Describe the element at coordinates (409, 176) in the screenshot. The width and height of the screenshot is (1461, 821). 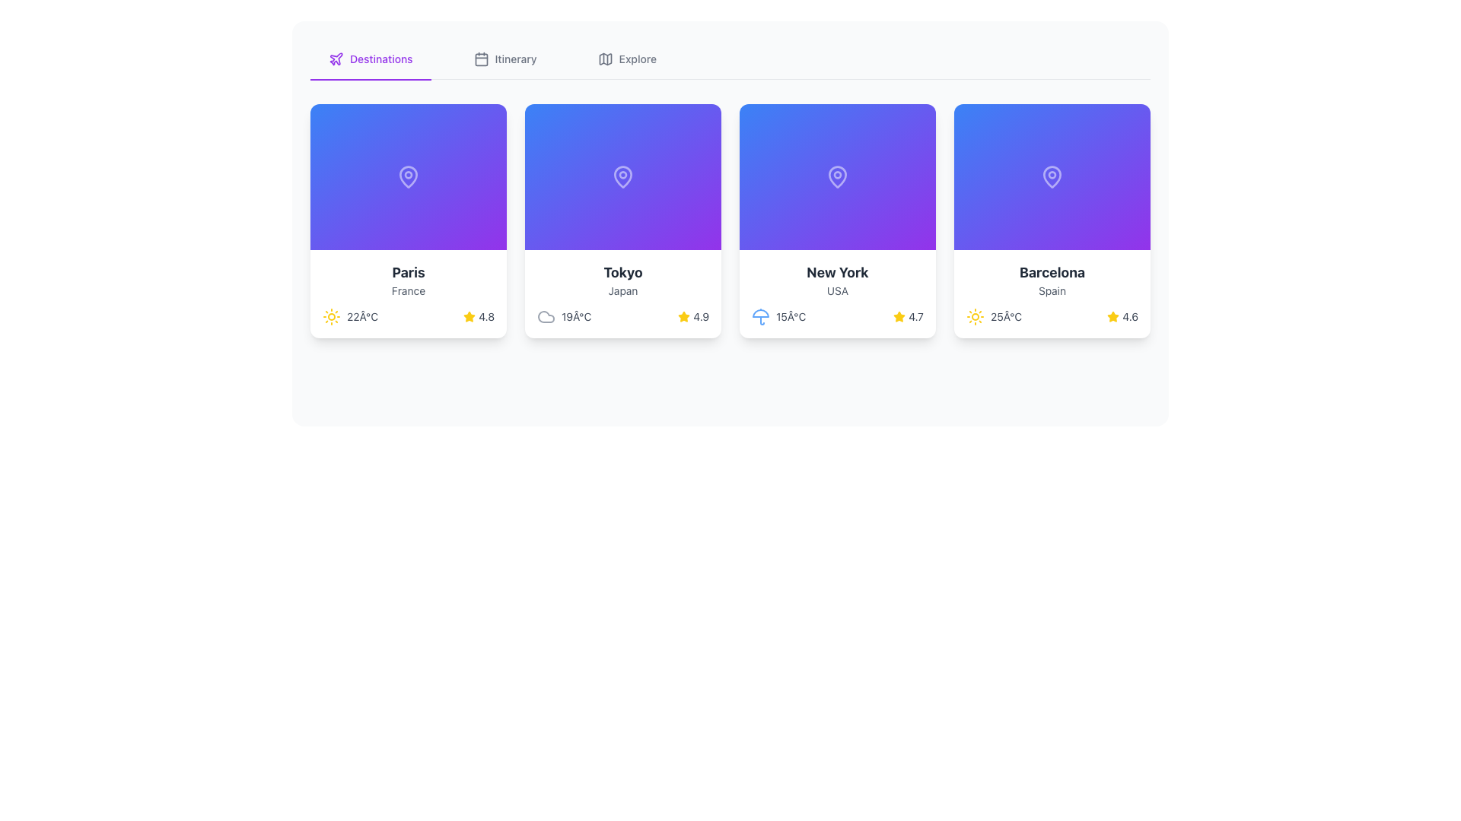
I see `the top section of the card labeled 'Paris' with a gradient background and a pin icon at the center` at that location.